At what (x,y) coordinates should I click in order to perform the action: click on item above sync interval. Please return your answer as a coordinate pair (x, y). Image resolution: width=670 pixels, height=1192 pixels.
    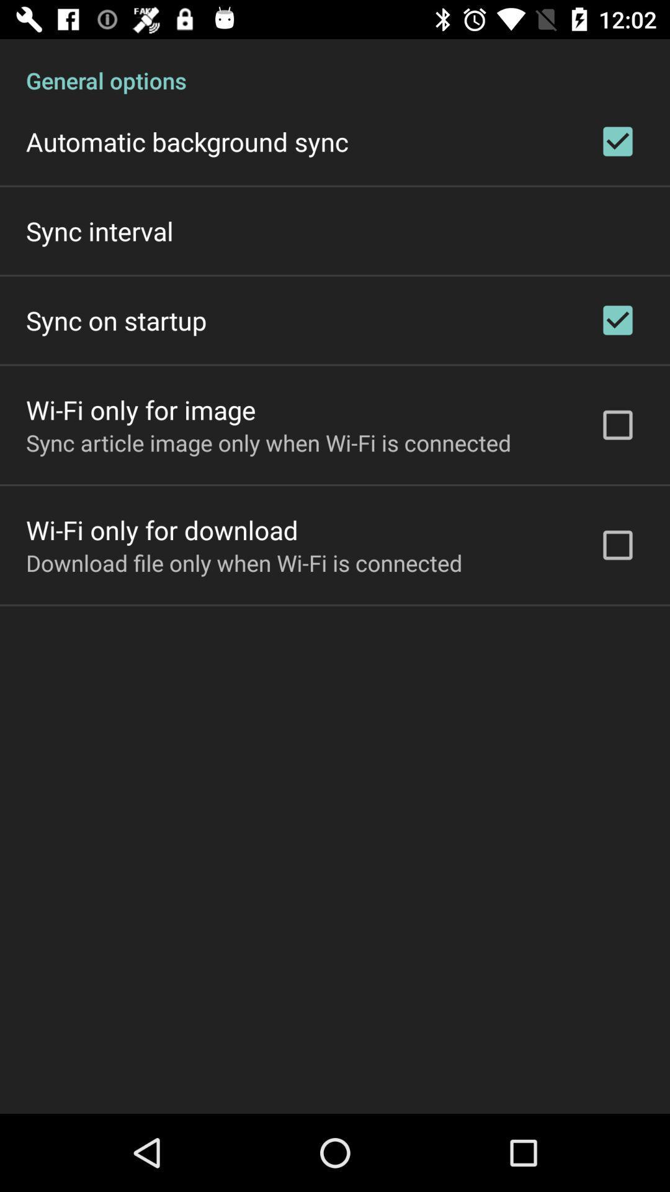
    Looking at the image, I should click on (187, 142).